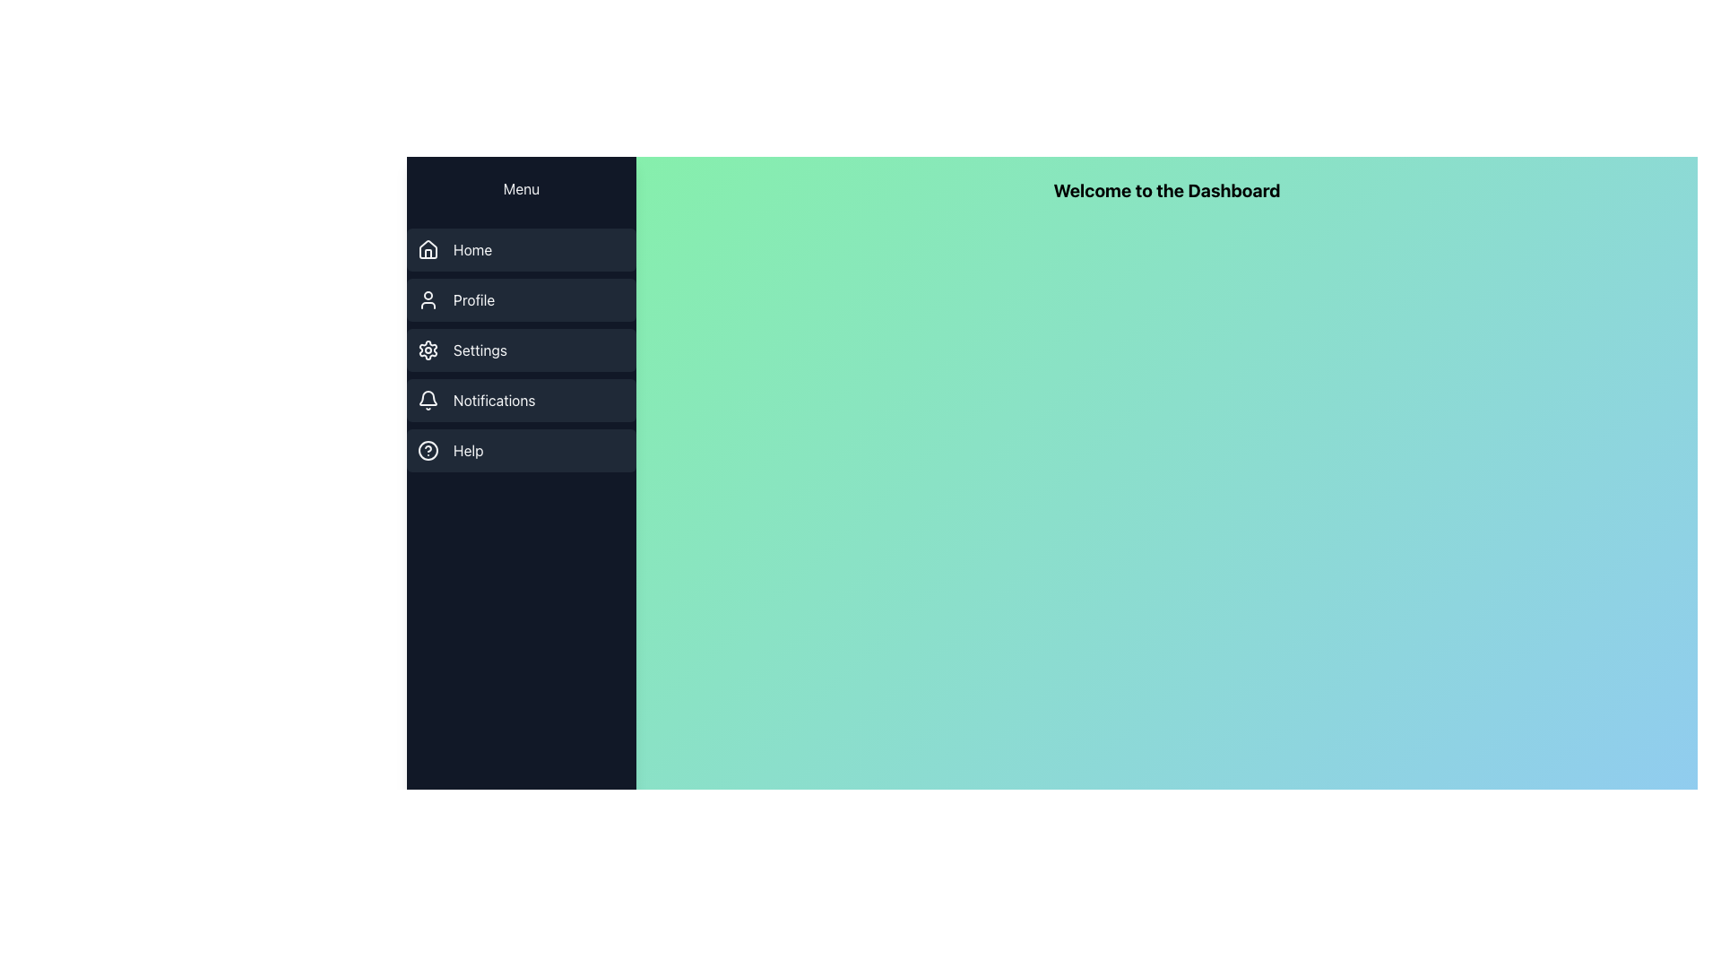 The height and width of the screenshot is (968, 1721). Describe the element at coordinates (1166, 190) in the screenshot. I see `the header text label on the dashboard page, which serves as a greeting message and is positioned near the top of the gradient background area` at that location.